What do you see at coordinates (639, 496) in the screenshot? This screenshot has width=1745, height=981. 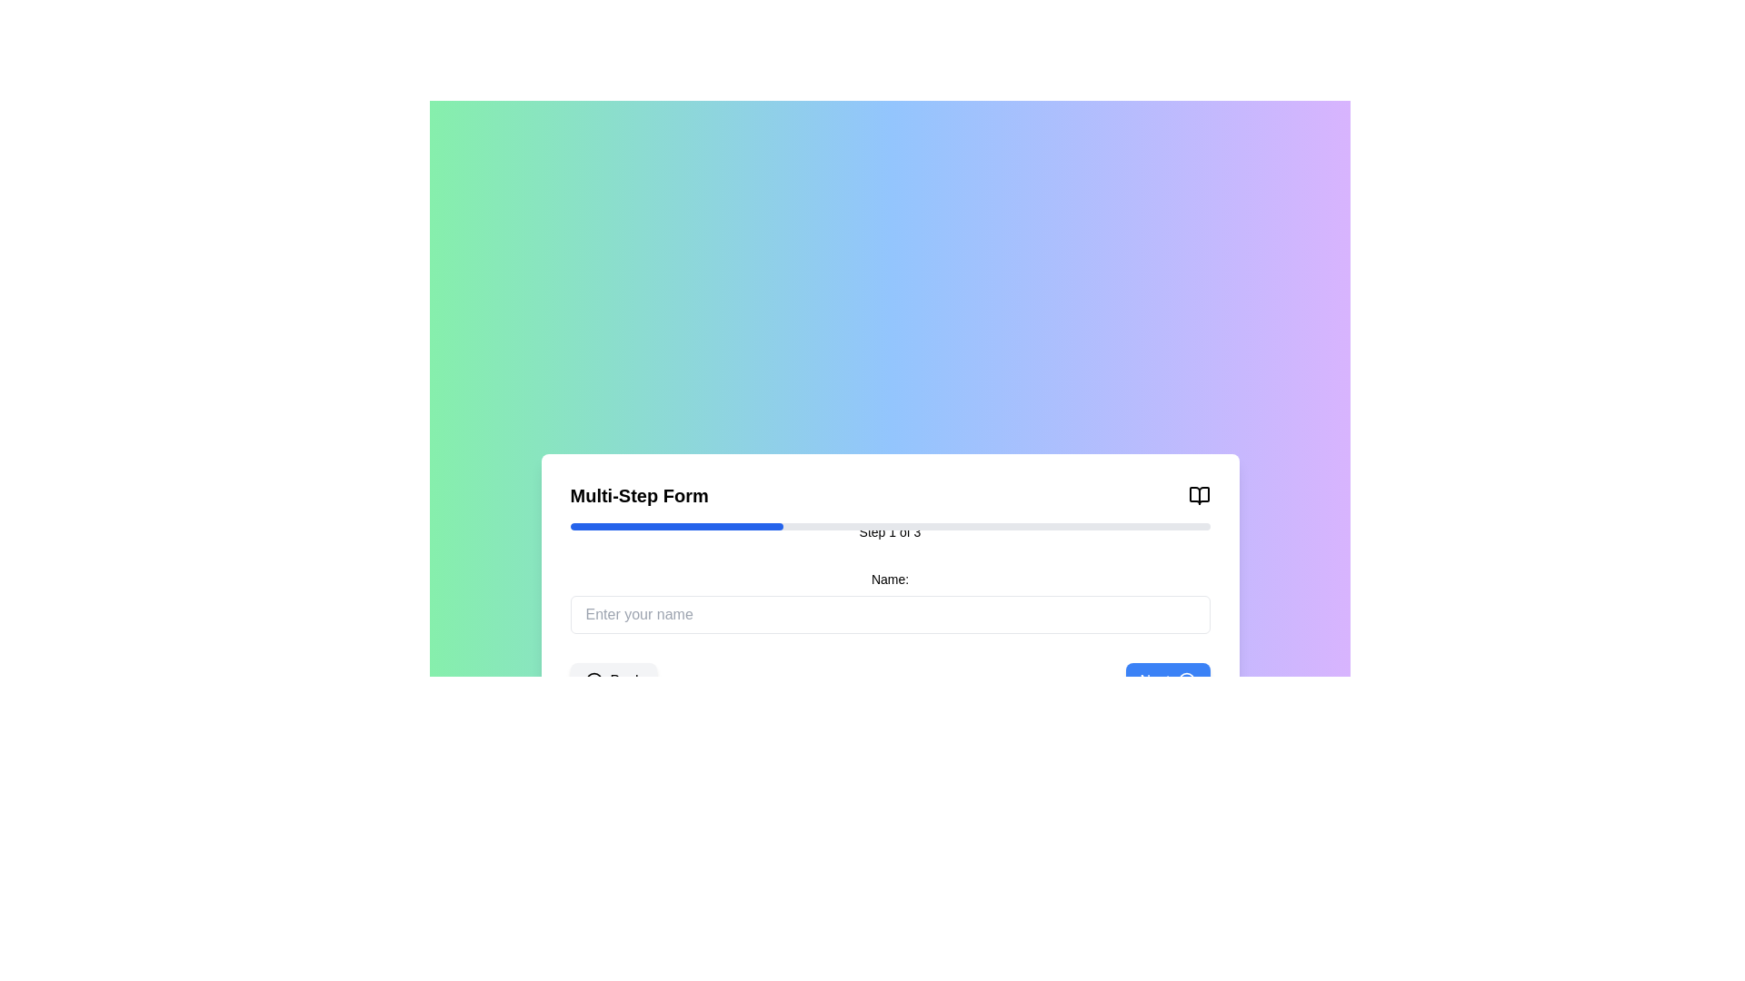 I see `the bold text label displaying 'Multi-Step Form' located at the top-left corner of the header section of the multi-step form interface` at bounding box center [639, 496].